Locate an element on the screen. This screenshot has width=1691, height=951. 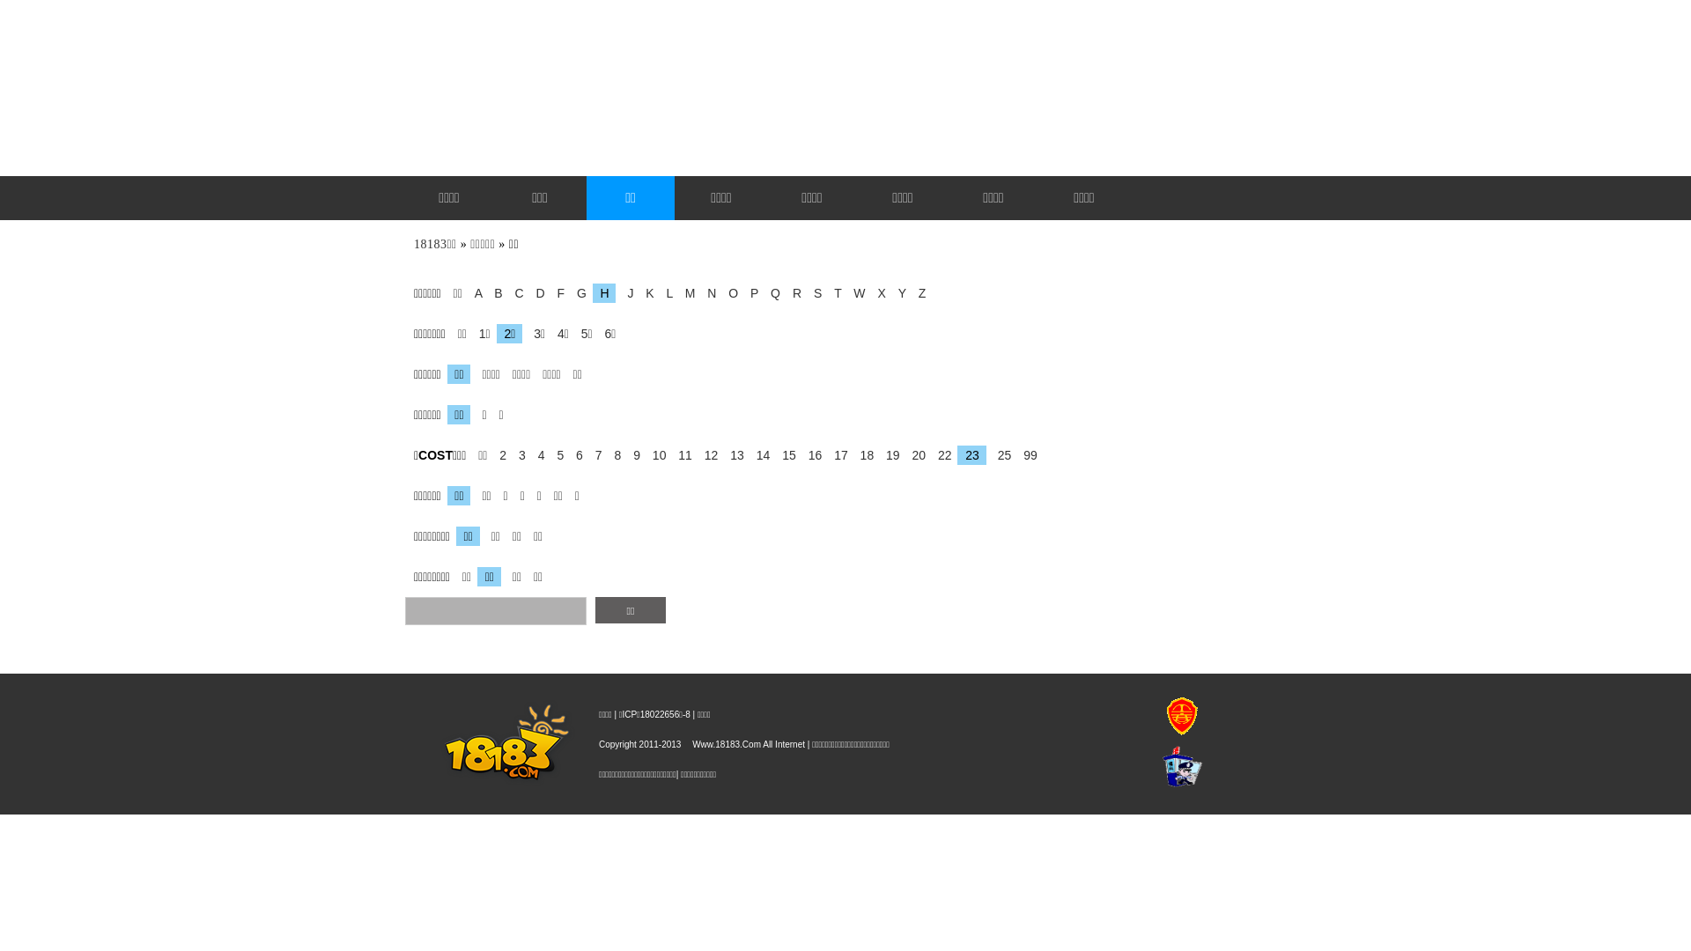
'20' is located at coordinates (904, 453).